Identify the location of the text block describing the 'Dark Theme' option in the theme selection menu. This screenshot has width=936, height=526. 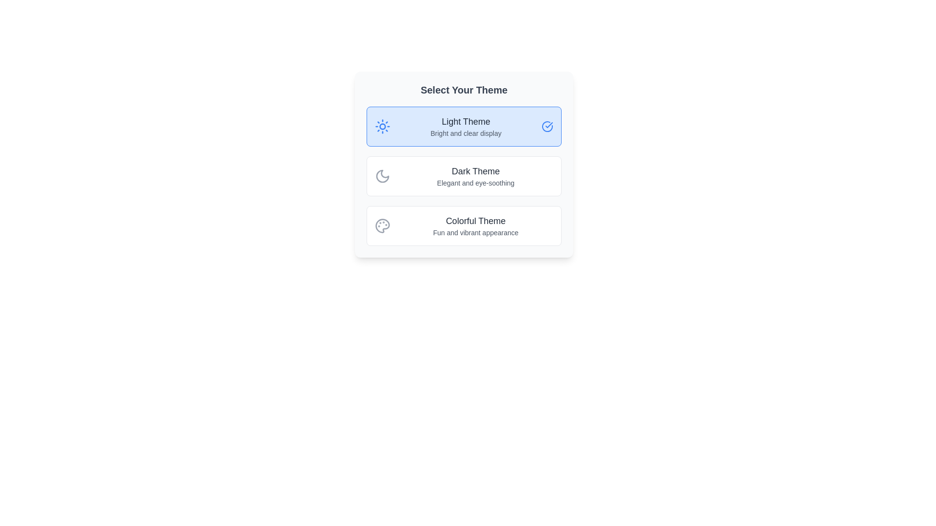
(475, 176).